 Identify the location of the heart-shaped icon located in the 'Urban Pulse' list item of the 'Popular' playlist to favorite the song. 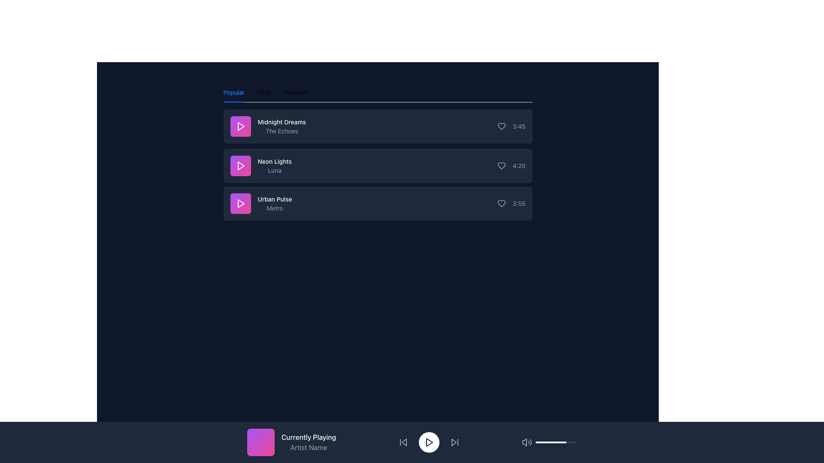
(501, 203).